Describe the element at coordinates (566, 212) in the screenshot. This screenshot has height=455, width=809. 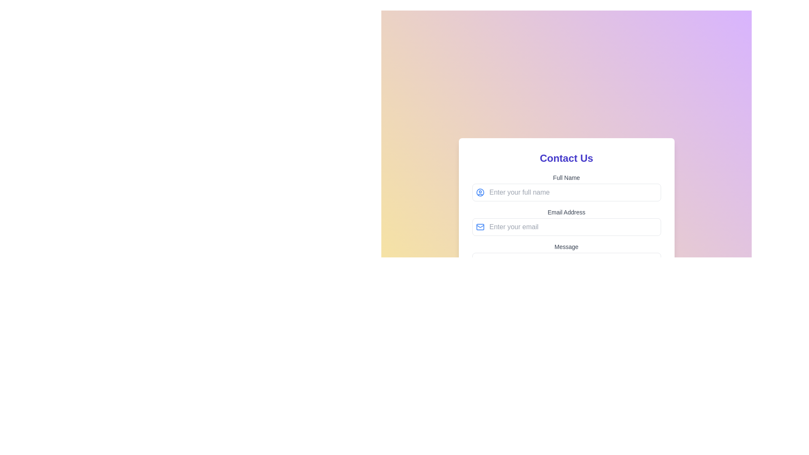
I see `the 'Email Address' label, which is displayed in a small, medium-weight gray font, positioned between the 'Full Name' label and the email input field` at that location.